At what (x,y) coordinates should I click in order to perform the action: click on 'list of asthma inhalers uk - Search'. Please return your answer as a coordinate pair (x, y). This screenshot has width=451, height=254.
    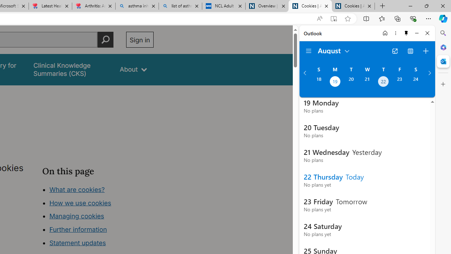
    Looking at the image, I should click on (180, 6).